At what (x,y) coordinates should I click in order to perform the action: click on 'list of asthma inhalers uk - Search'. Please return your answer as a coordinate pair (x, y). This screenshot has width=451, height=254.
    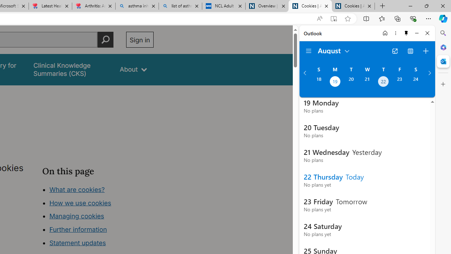
    Looking at the image, I should click on (180, 6).